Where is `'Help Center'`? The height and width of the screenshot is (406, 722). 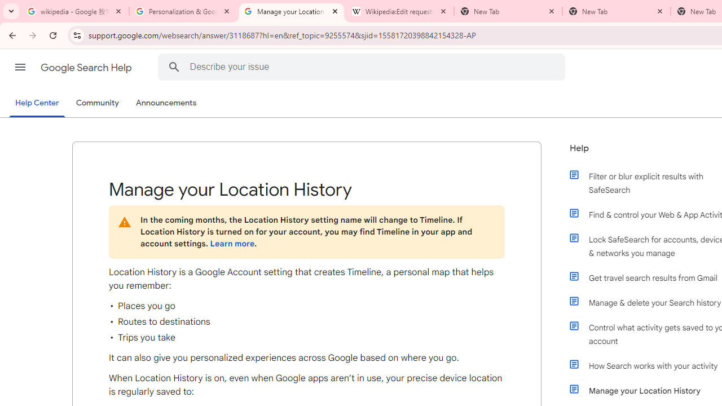 'Help Center' is located at coordinates (37, 103).